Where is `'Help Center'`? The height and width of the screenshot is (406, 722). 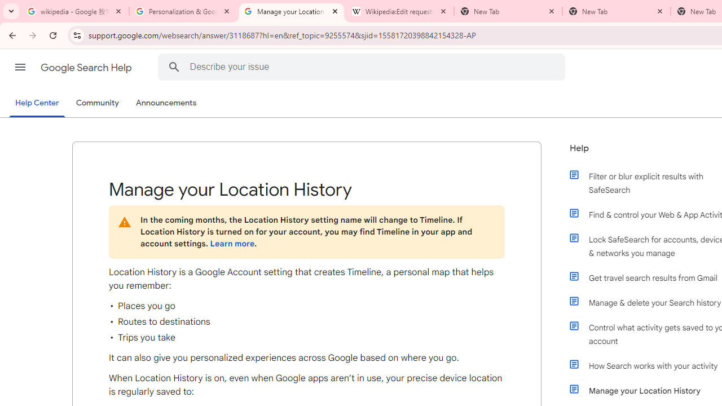 'Help Center' is located at coordinates (37, 103).